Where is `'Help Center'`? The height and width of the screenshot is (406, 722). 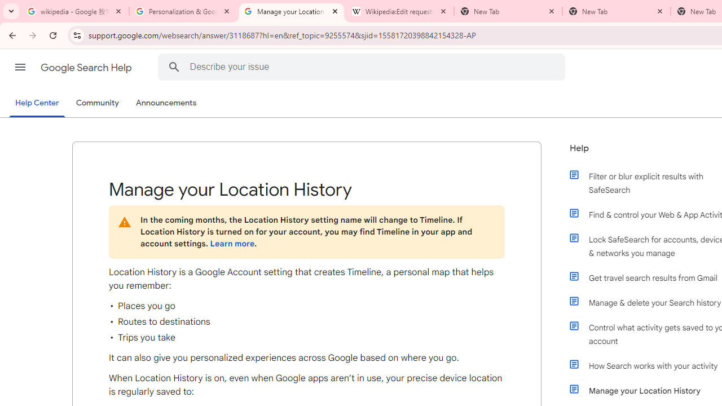 'Help Center' is located at coordinates (37, 103).